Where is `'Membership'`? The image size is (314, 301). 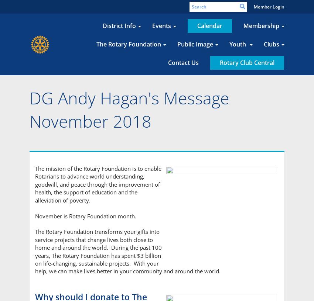 'Membership' is located at coordinates (261, 25).